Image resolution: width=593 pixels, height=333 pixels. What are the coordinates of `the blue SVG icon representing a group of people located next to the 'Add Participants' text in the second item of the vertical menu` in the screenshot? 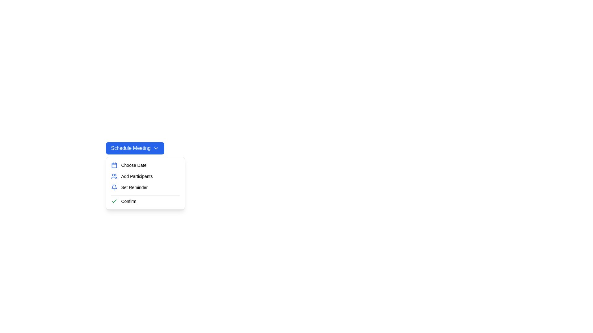 It's located at (114, 176).